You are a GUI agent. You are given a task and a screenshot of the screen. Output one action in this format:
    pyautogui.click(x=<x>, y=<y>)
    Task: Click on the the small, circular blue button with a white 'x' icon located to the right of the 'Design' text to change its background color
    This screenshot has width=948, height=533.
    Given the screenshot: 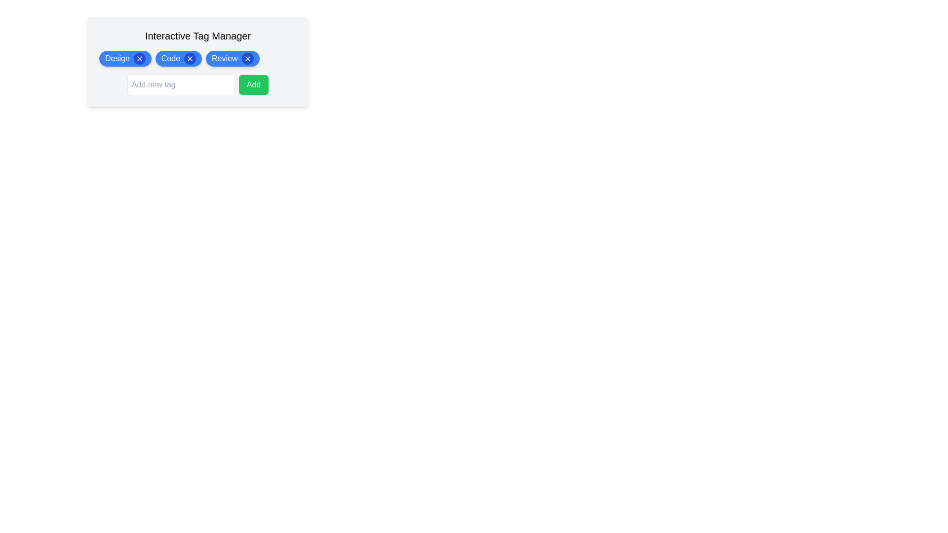 What is the action you would take?
    pyautogui.click(x=139, y=59)
    